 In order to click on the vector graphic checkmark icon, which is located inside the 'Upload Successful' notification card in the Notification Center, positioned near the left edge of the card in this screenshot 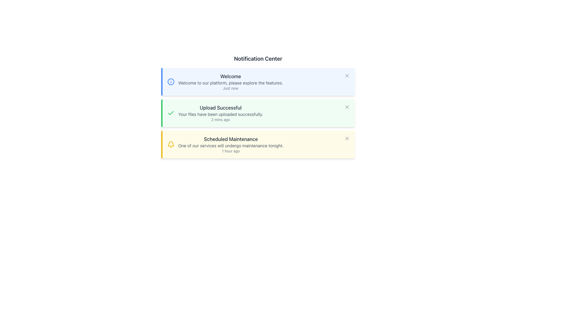, I will do `click(171, 113)`.